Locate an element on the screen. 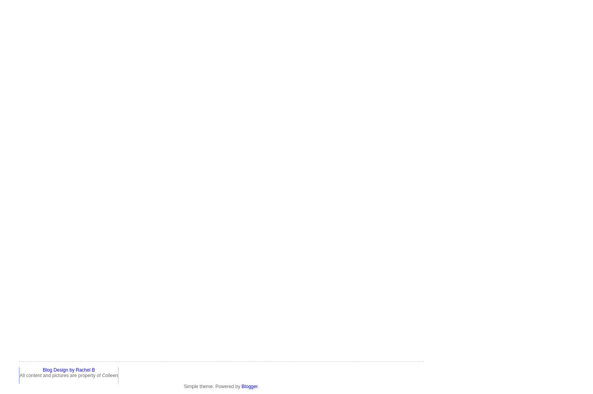 This screenshot has width=593, height=394. 'breastfeeding' is located at coordinates (33, 267).